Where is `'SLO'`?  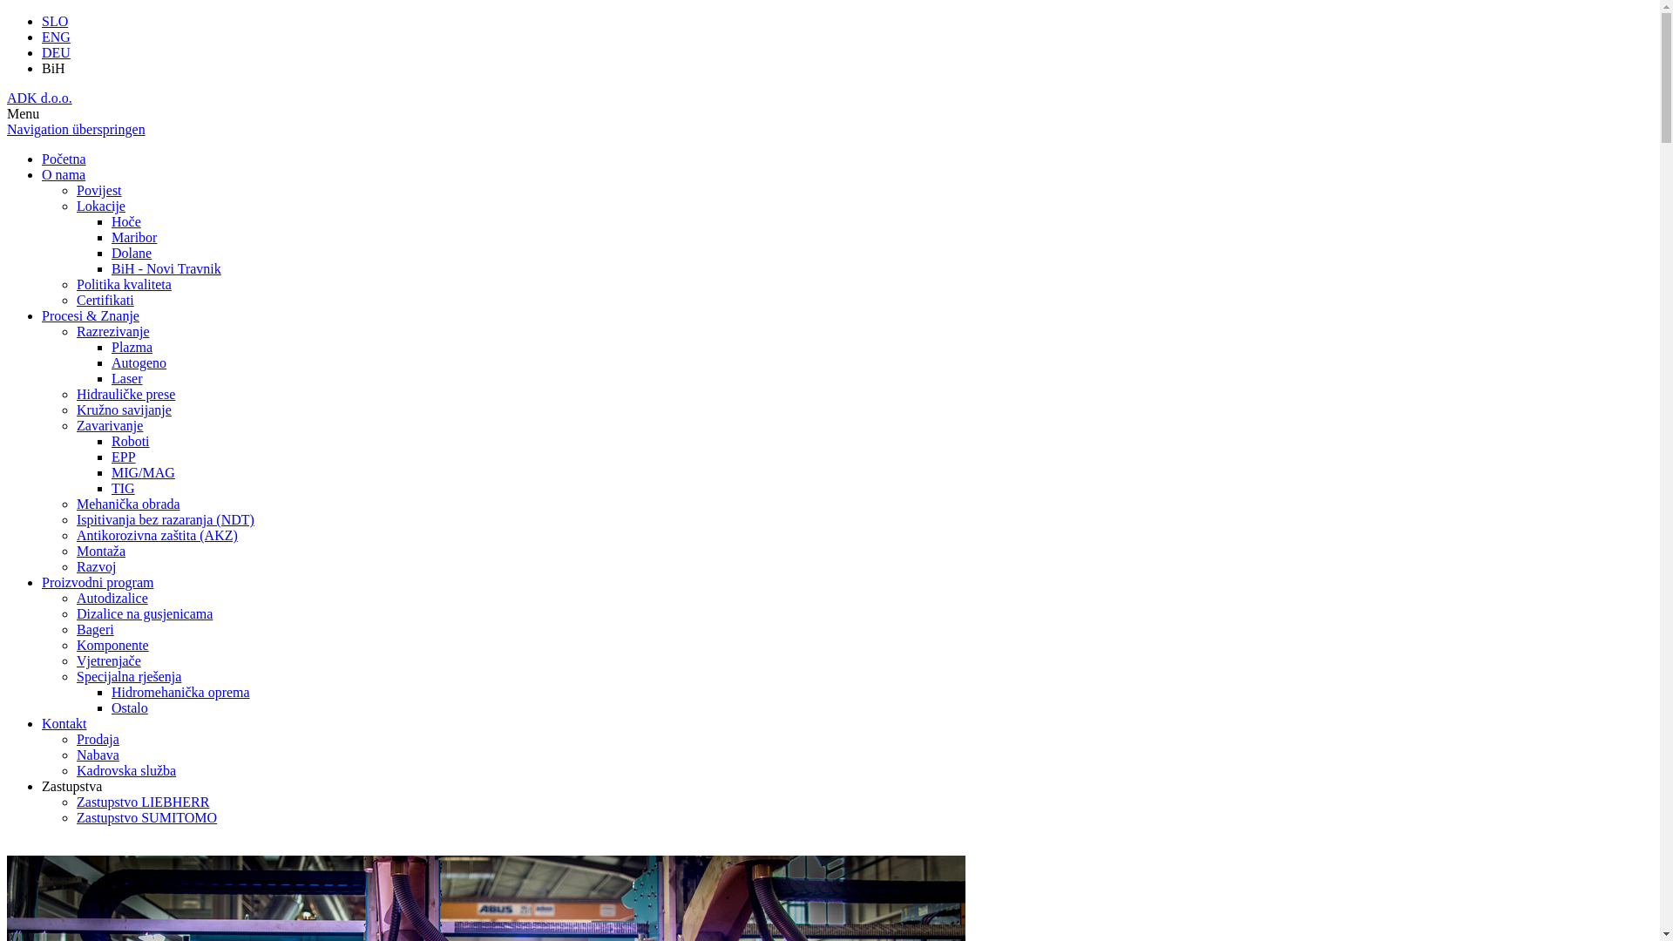
'SLO' is located at coordinates (54, 21).